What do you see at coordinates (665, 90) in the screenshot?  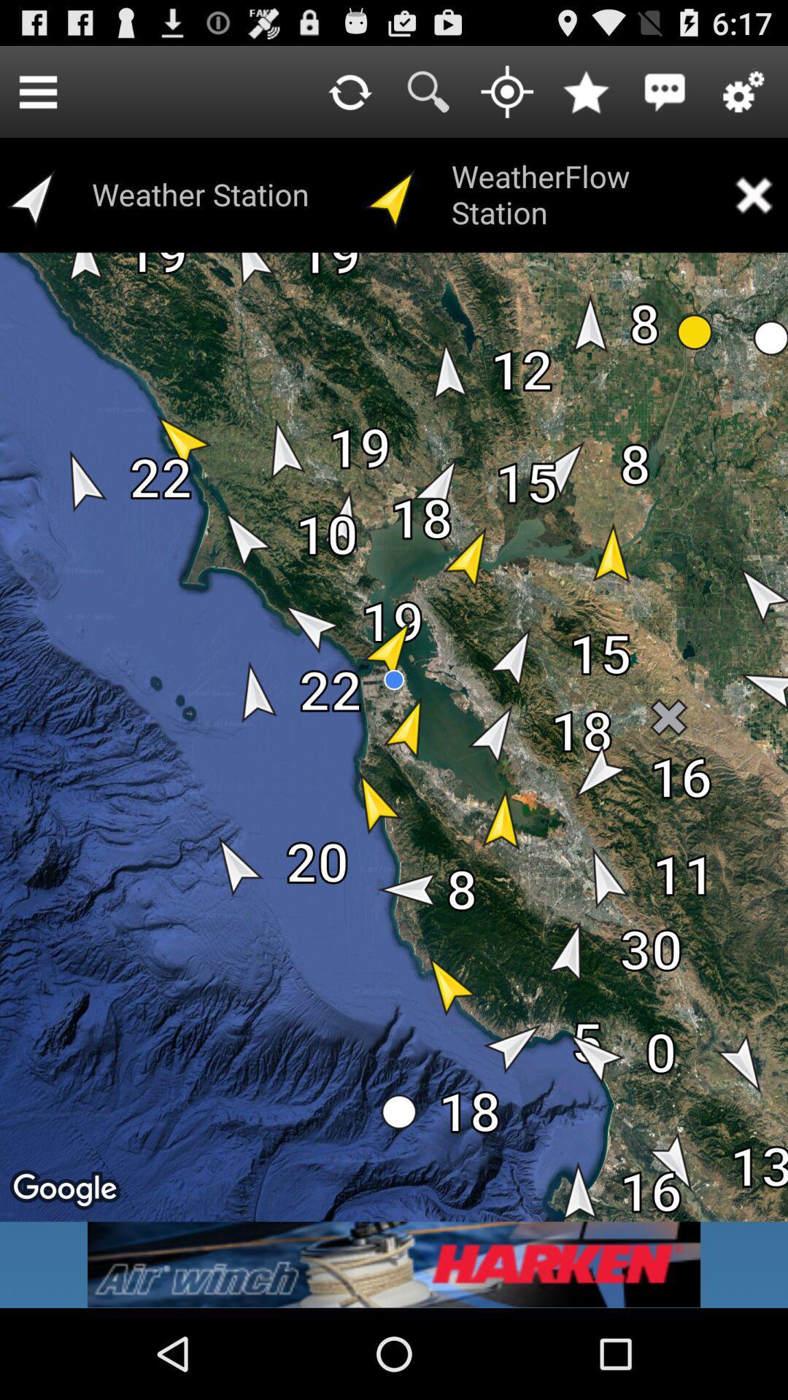 I see `message` at bounding box center [665, 90].